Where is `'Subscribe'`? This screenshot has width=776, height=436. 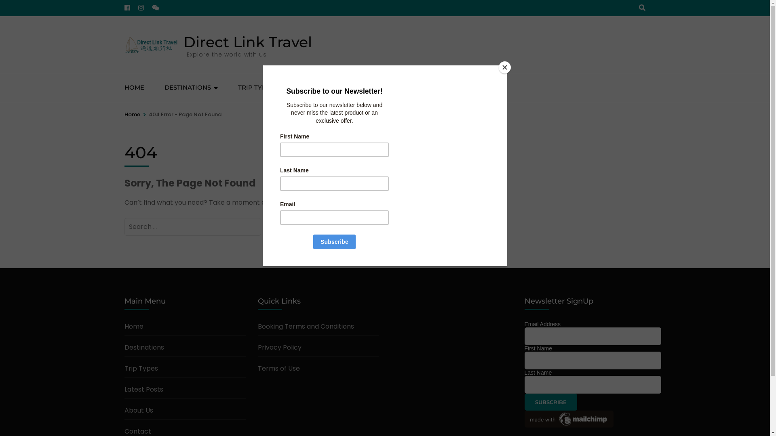 'Subscribe' is located at coordinates (550, 402).